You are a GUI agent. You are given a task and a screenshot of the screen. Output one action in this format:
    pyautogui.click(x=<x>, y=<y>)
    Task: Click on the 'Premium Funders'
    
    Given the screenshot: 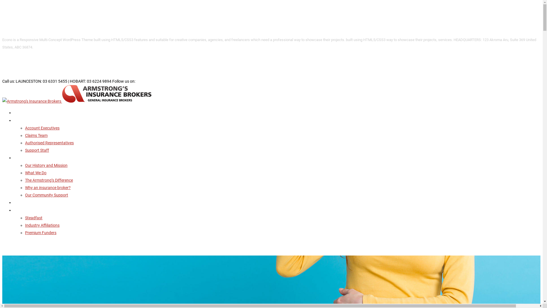 What is the action you would take?
    pyautogui.click(x=40, y=233)
    